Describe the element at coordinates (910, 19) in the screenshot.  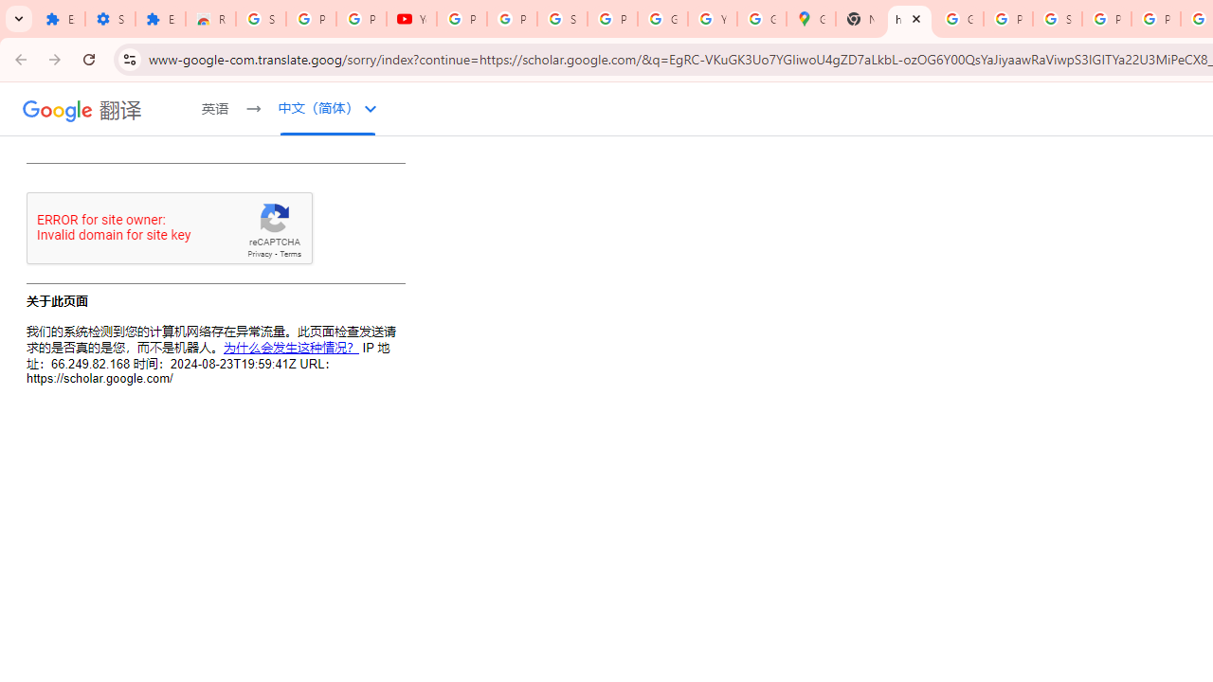
I see `'https://scholar.google.com/'` at that location.